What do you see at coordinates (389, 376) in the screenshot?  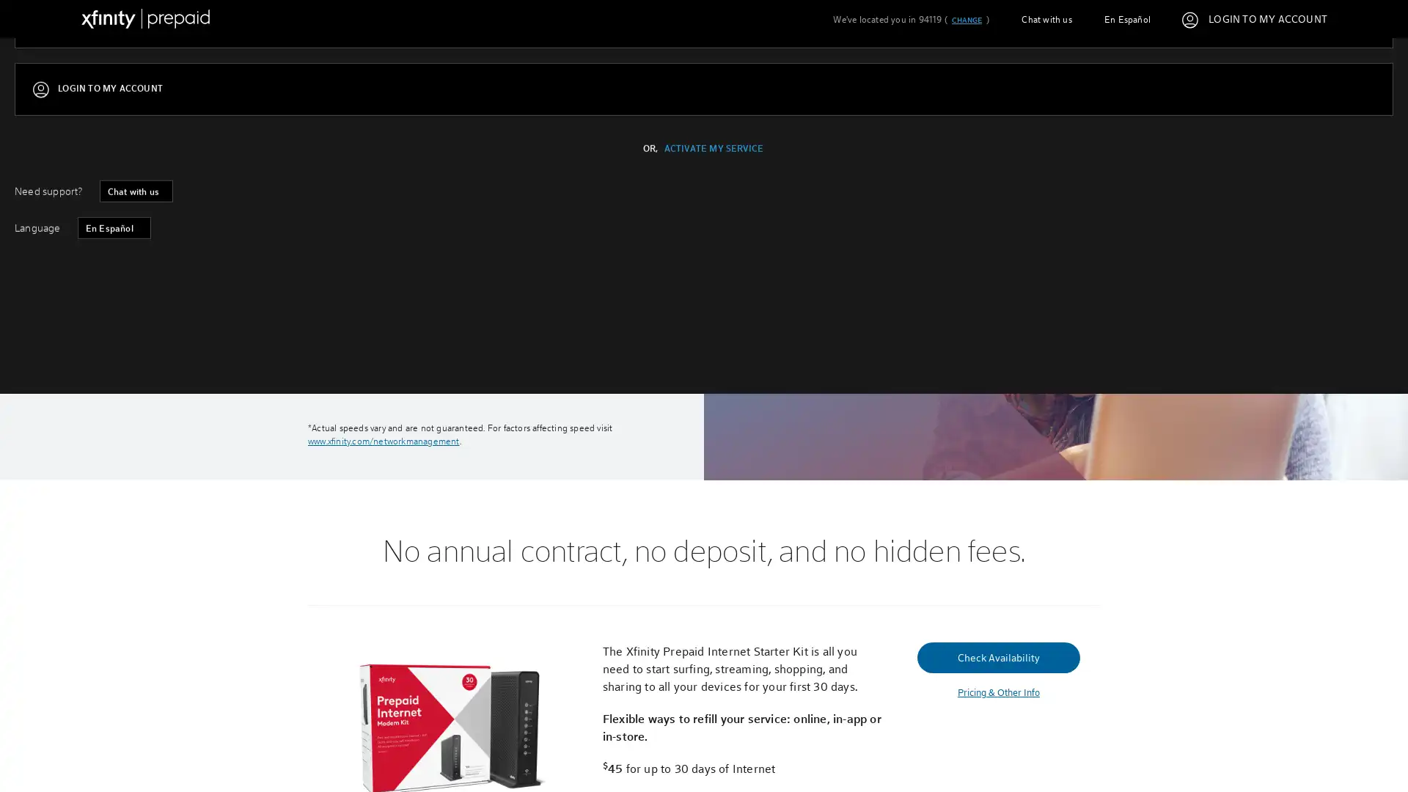 I see `Pricing & Other Info` at bounding box center [389, 376].